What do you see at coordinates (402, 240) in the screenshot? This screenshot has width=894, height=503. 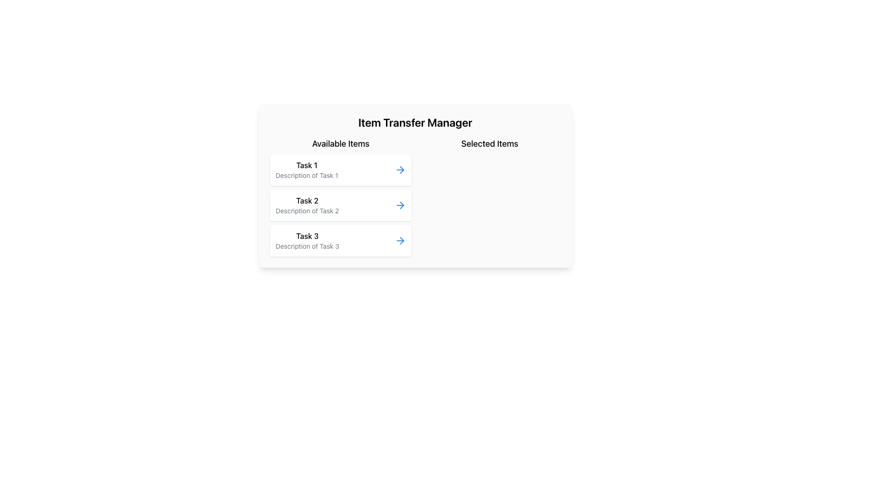 I see `the arrowhead icon located at the far right of the 'Task 2' card in the 'Available Items' list` at bounding box center [402, 240].